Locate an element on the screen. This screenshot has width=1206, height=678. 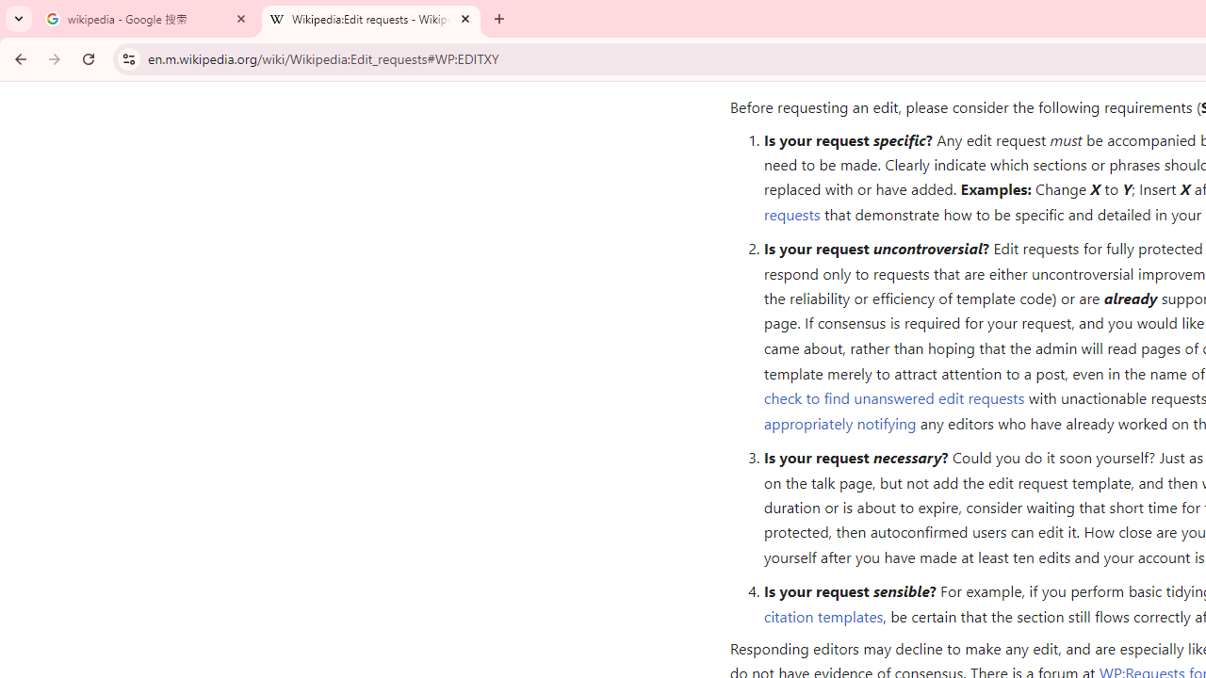
'Wikipedia:Edit requests - Wikipedia' is located at coordinates (371, 19).